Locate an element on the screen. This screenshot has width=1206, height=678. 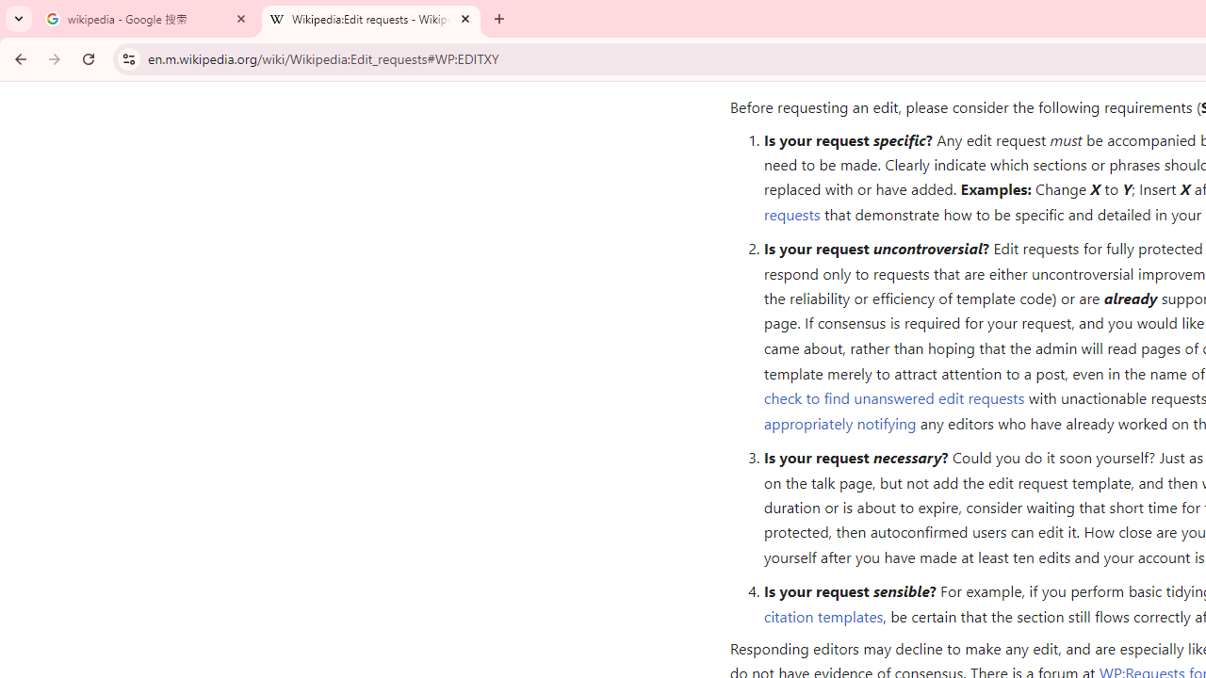
'Wikipedia:Edit requests - Wikipedia' is located at coordinates (371, 19).